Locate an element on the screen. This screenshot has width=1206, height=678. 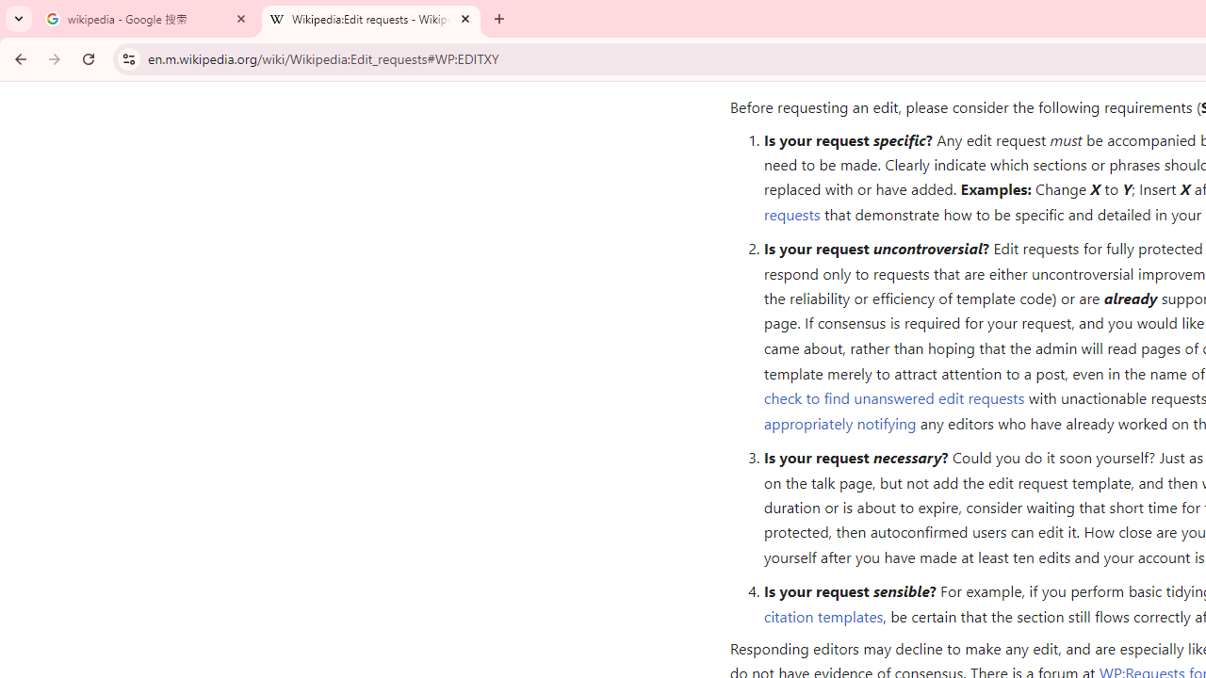
'Wikipedia:Edit requests - Wikipedia' is located at coordinates (371, 19).